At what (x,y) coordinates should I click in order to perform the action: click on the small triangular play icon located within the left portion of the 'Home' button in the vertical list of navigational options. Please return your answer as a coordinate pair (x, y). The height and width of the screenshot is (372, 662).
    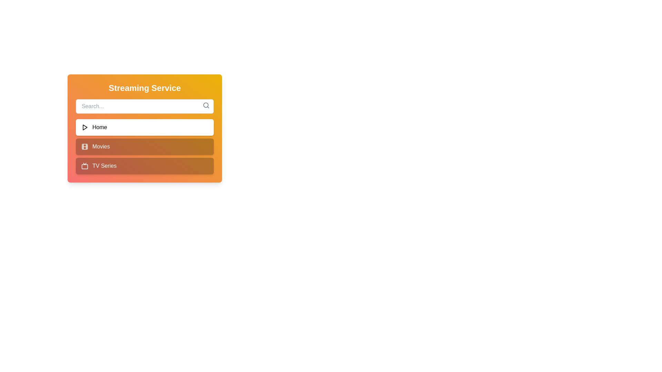
    Looking at the image, I should click on (84, 127).